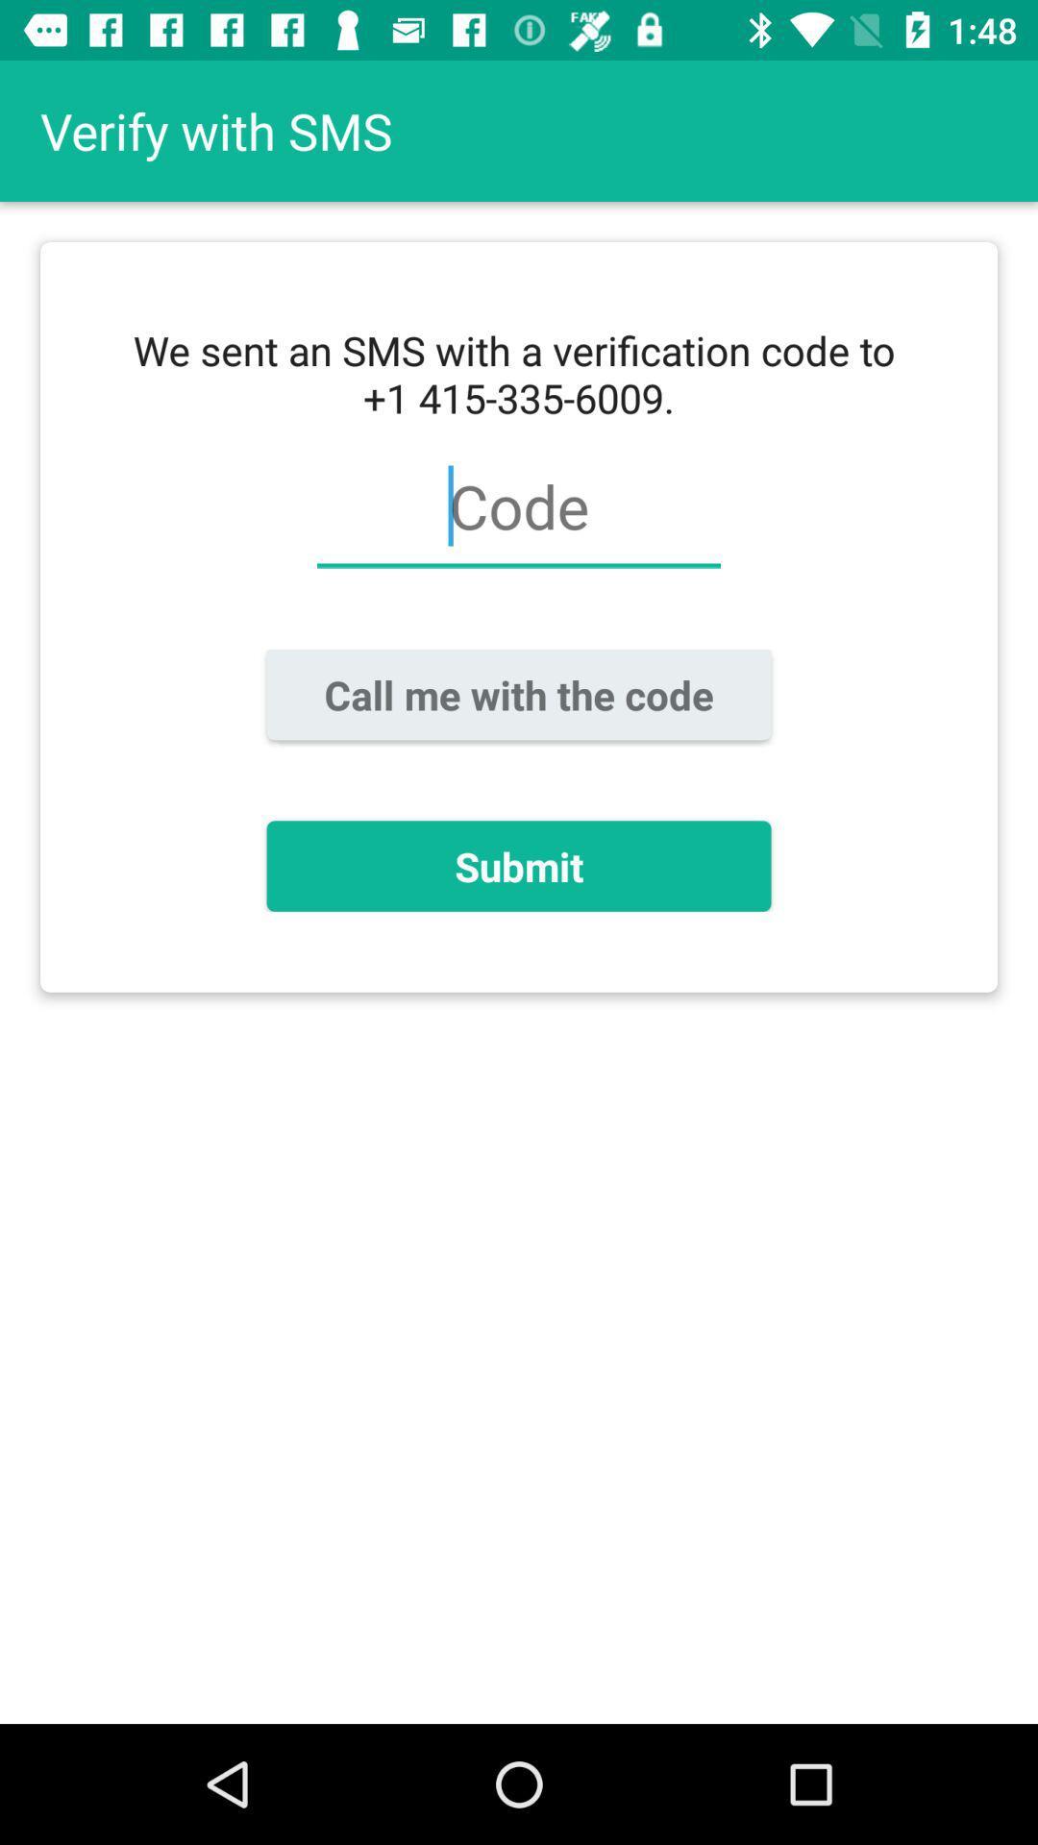  What do you see at coordinates (519, 694) in the screenshot?
I see `call me with icon` at bounding box center [519, 694].